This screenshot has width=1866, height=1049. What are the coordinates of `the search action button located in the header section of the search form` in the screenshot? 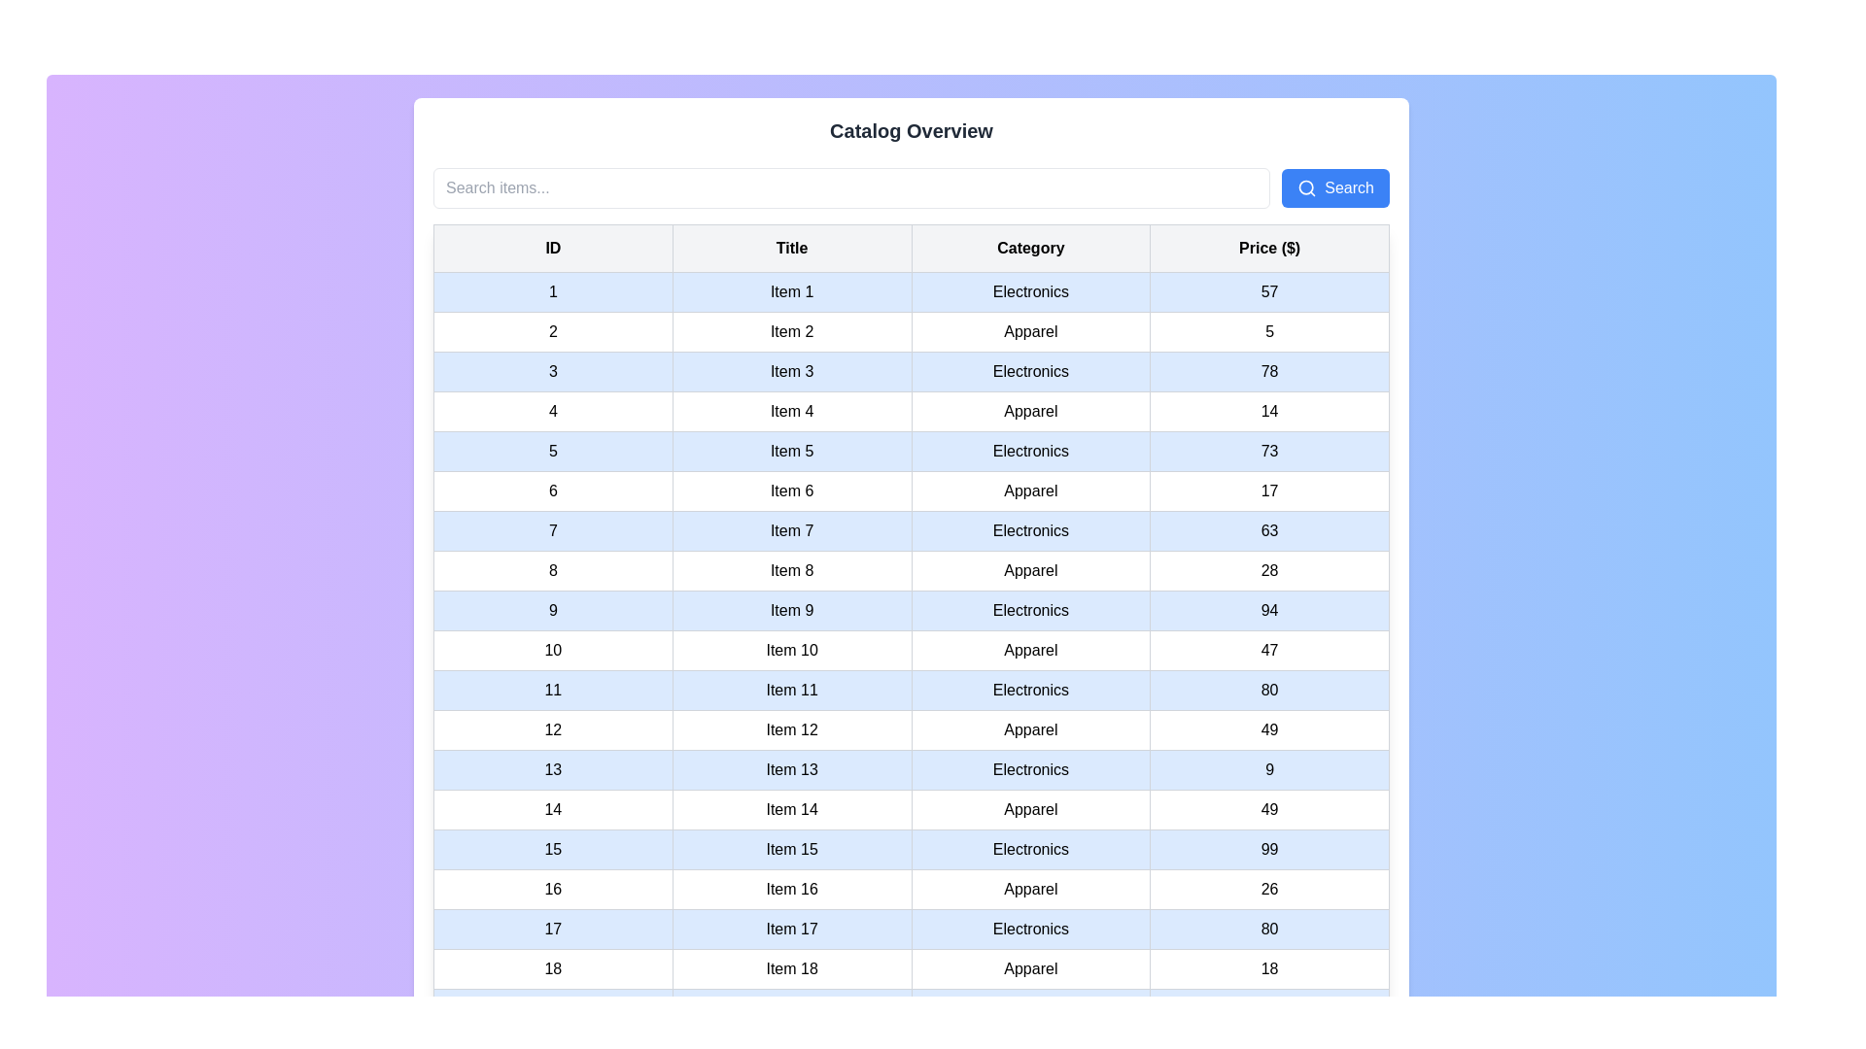 It's located at (1334, 187).